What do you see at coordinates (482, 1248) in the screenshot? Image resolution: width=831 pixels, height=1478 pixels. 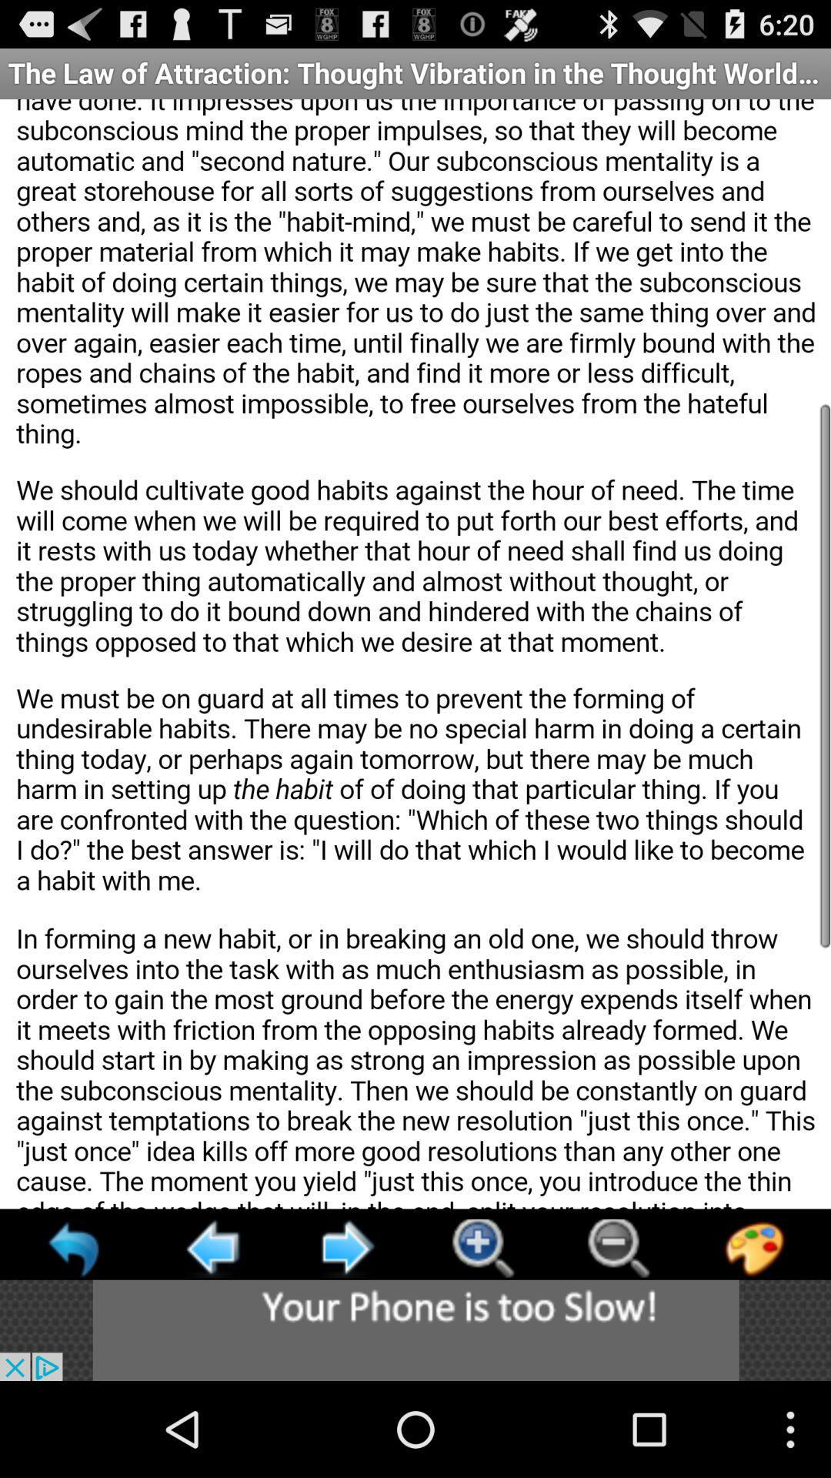 I see `zoom` at bounding box center [482, 1248].